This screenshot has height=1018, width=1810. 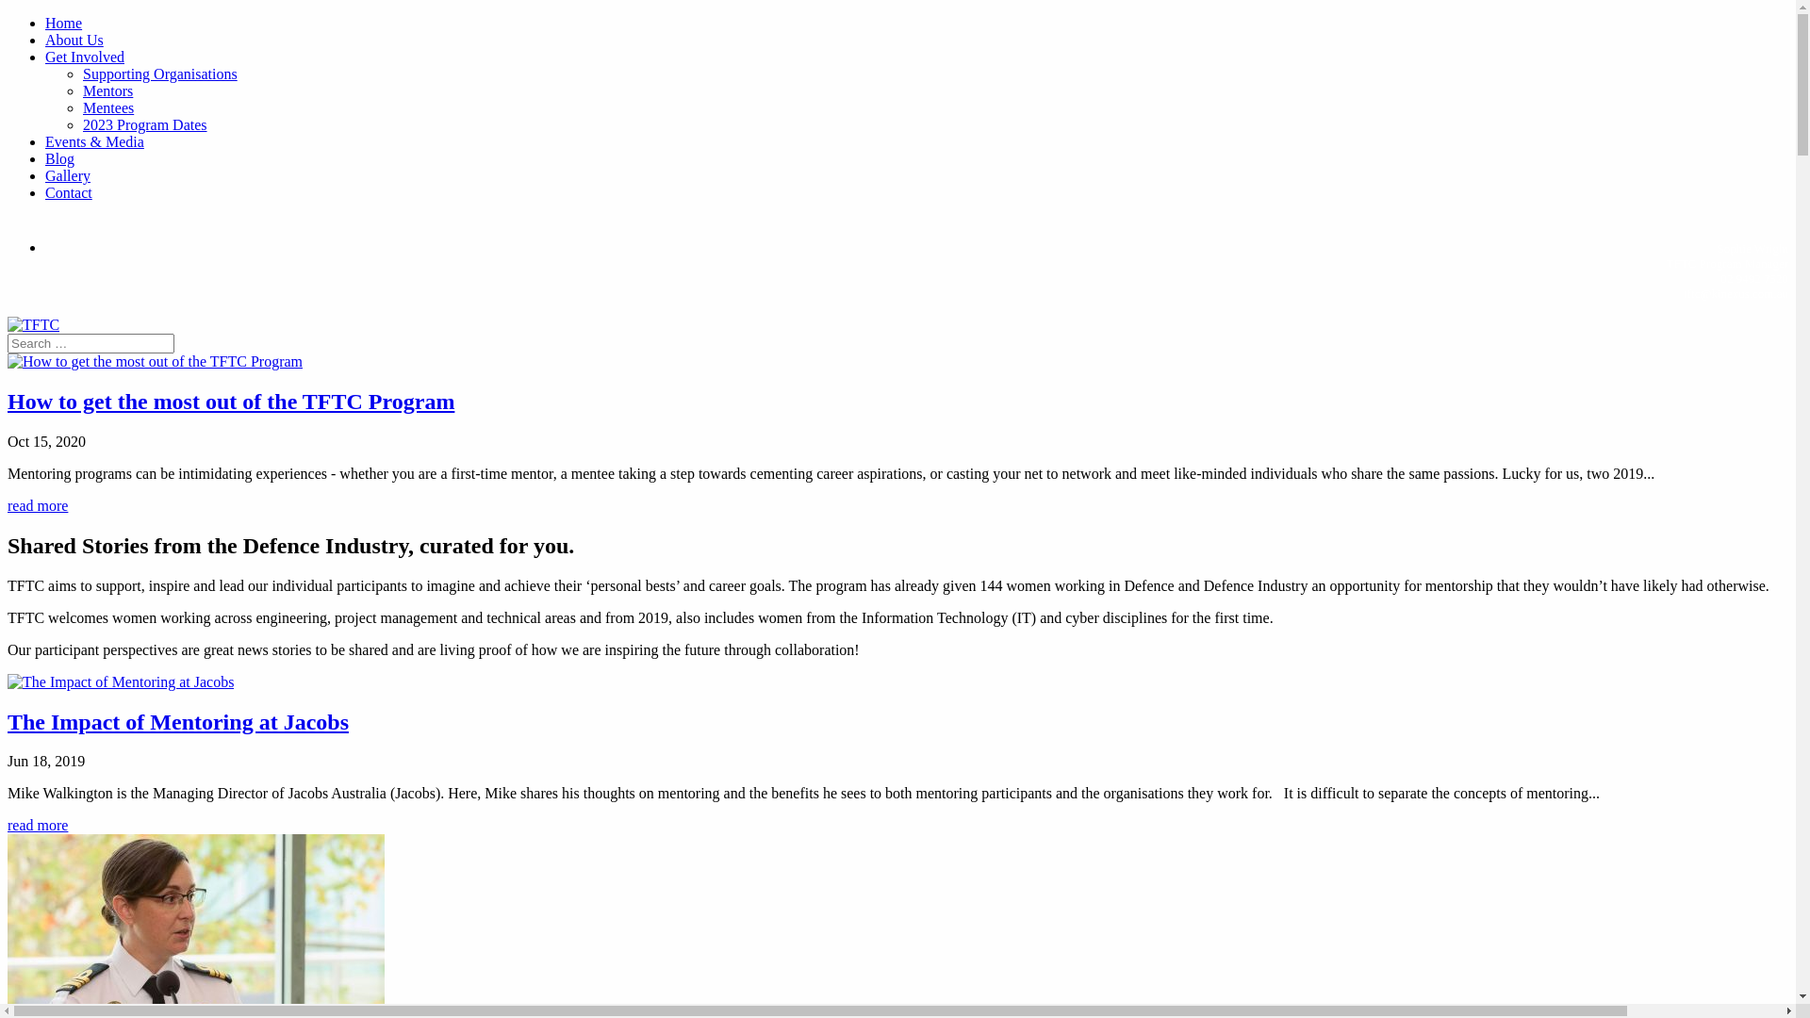 I want to click on 'Mentees', so click(x=107, y=107).